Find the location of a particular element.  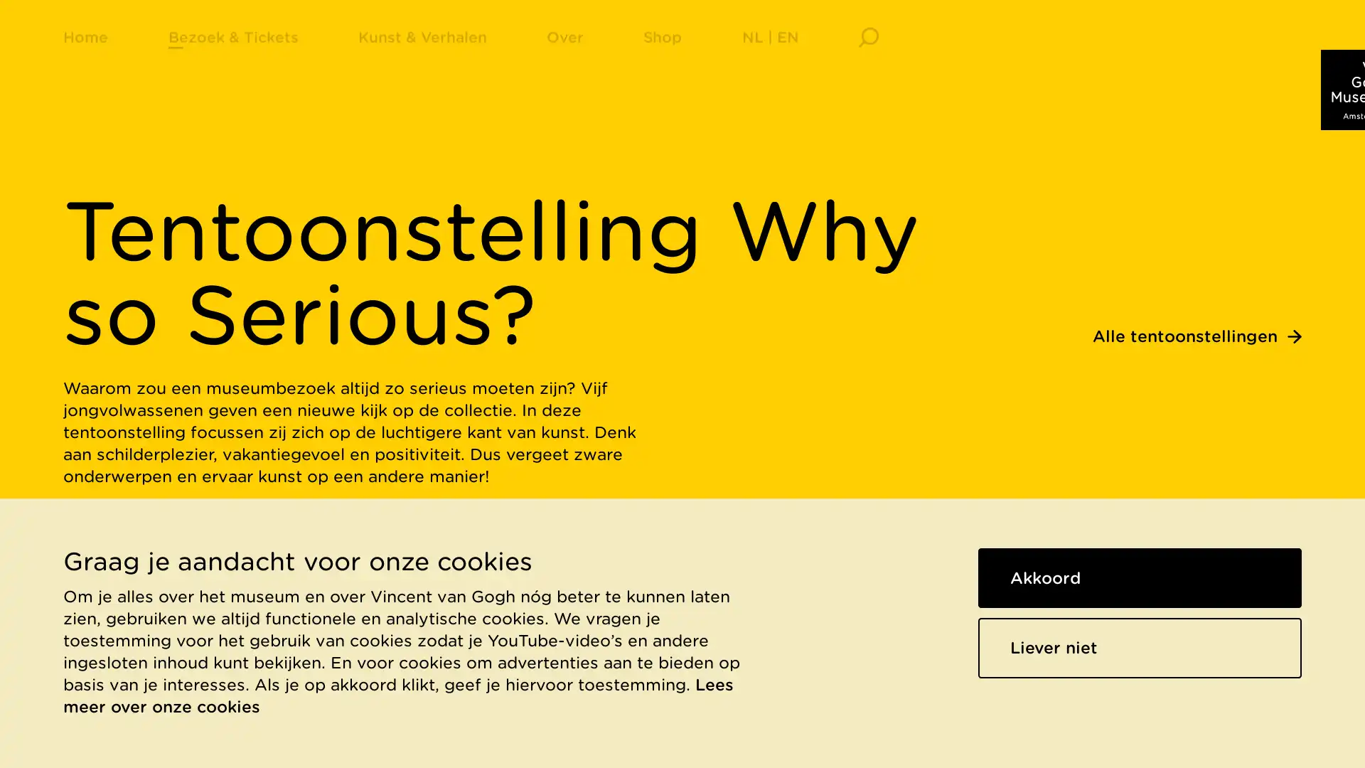

Liever niet is located at coordinates (1140, 647).